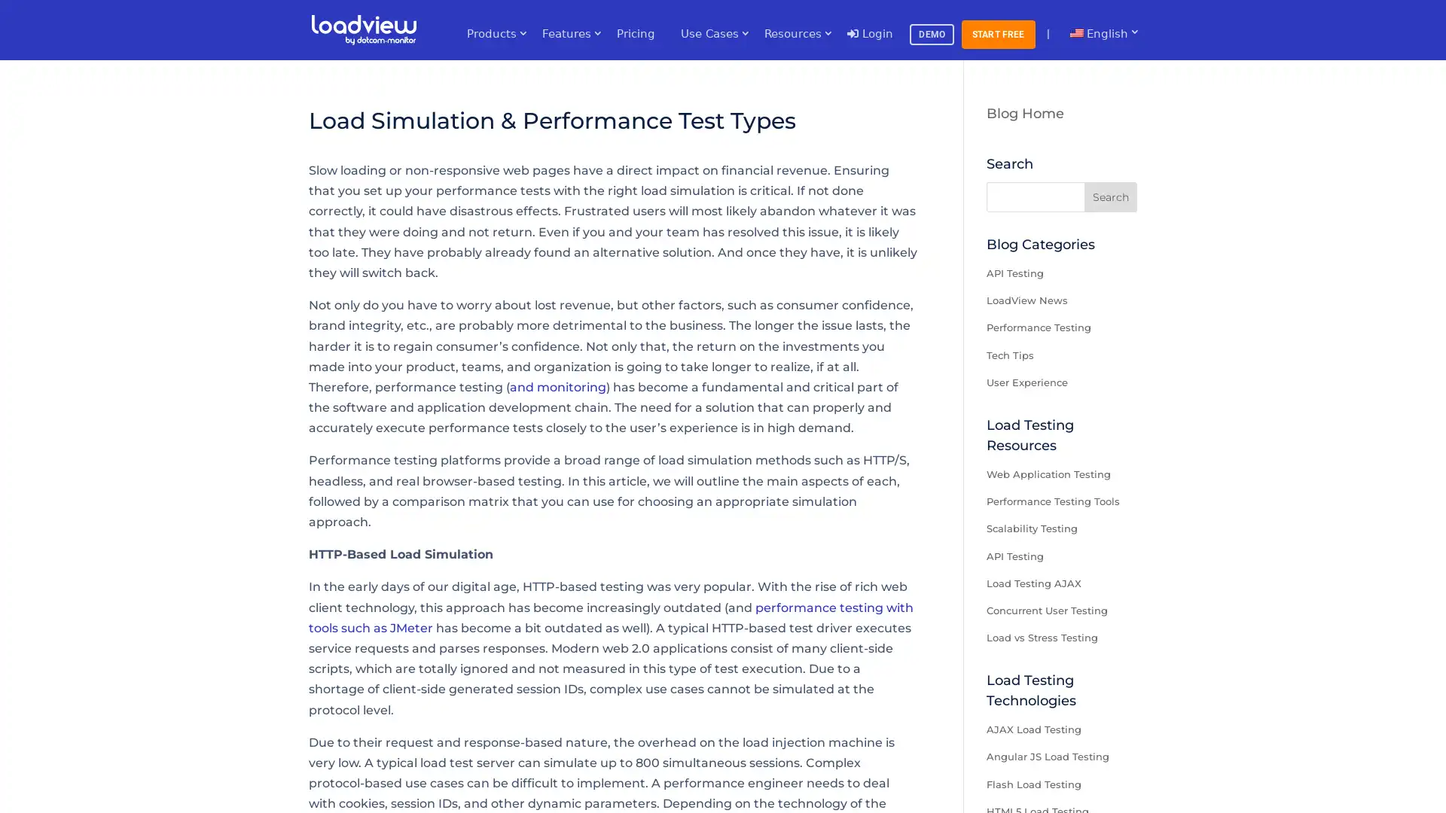 This screenshot has width=1446, height=813. Describe the element at coordinates (1110, 196) in the screenshot. I see `Search` at that location.